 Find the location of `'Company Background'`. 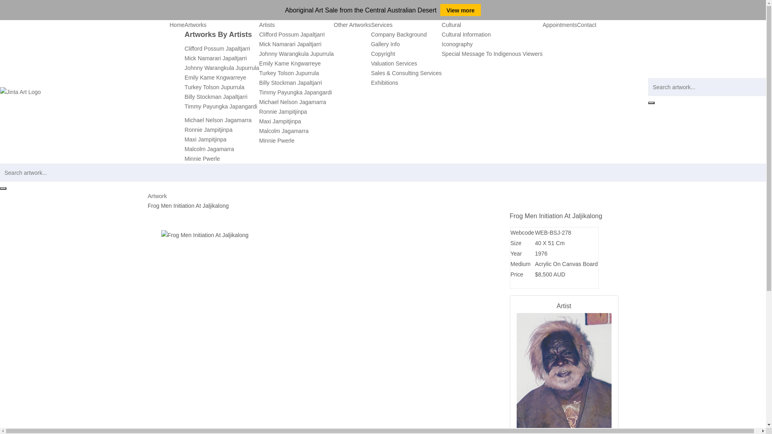

'Company Background' is located at coordinates (399, 34).